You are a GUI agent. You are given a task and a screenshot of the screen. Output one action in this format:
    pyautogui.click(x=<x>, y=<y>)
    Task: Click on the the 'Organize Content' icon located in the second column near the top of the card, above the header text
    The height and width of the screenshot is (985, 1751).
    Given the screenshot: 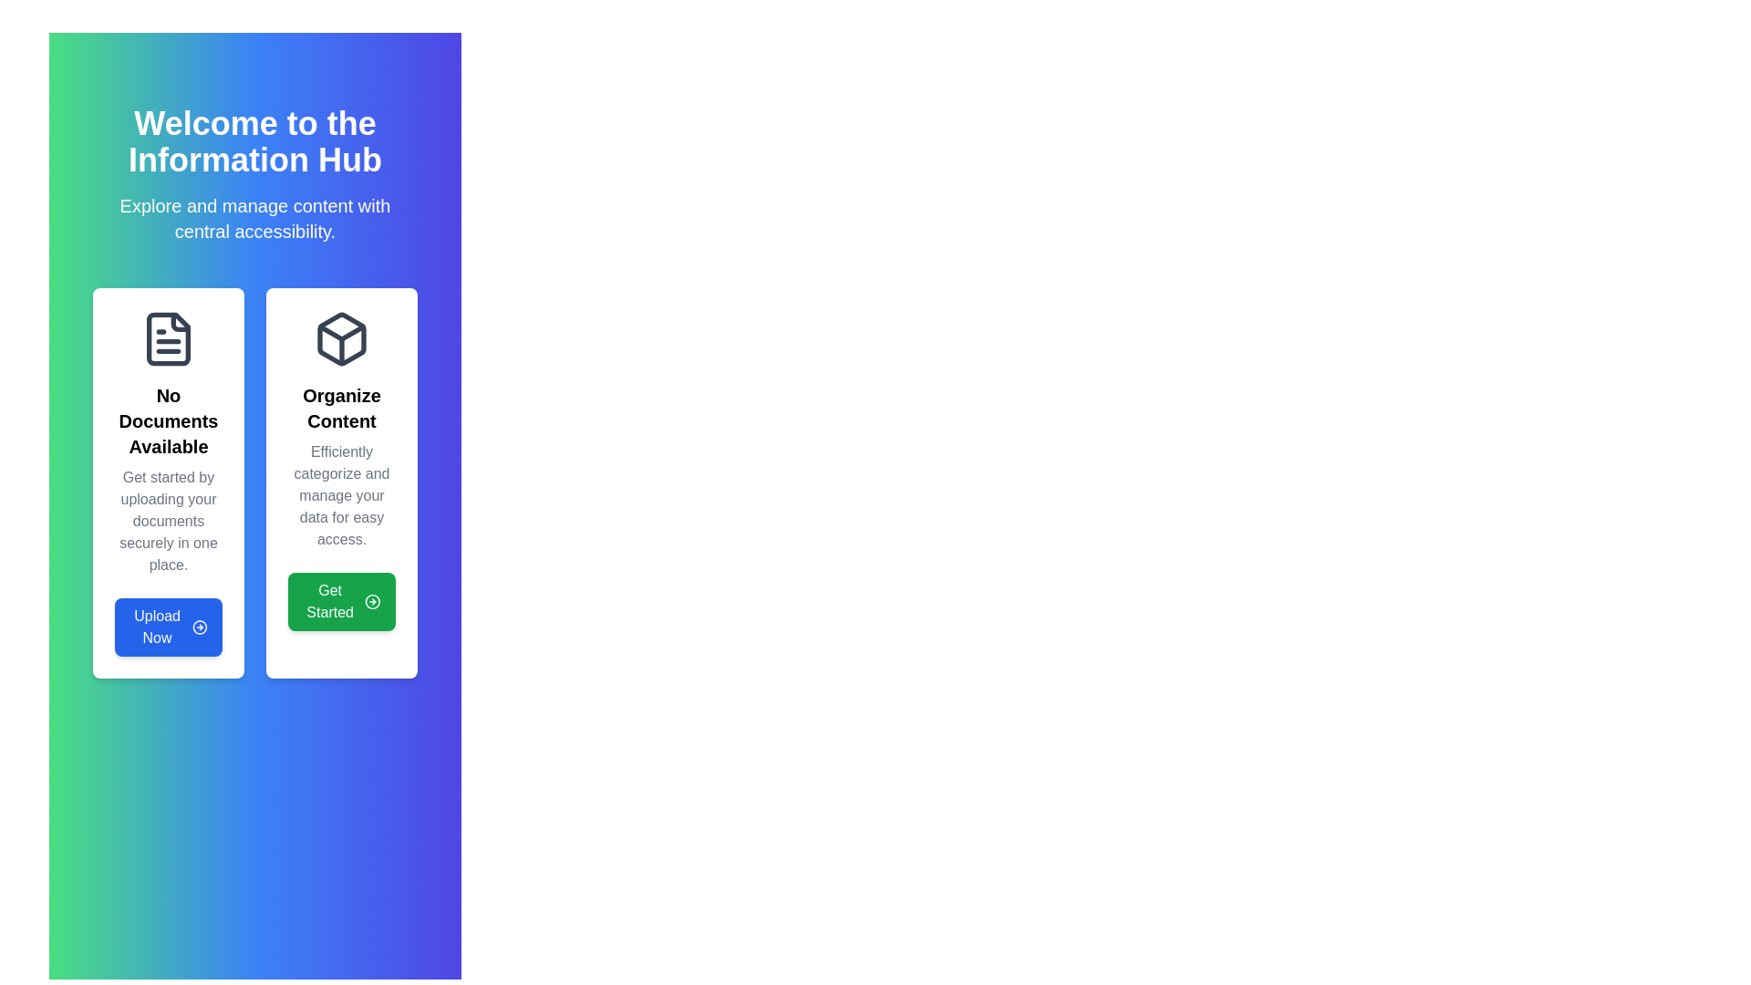 What is the action you would take?
    pyautogui.click(x=341, y=338)
    